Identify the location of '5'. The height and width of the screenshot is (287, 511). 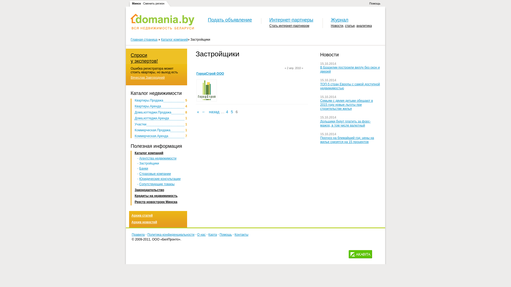
(232, 111).